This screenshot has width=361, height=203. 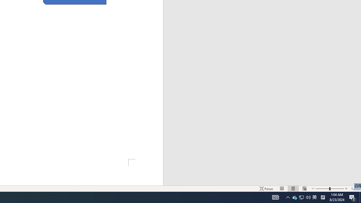 I want to click on 'Tray Input Indicator - Chinese (Simplified, China)', so click(x=323, y=197).